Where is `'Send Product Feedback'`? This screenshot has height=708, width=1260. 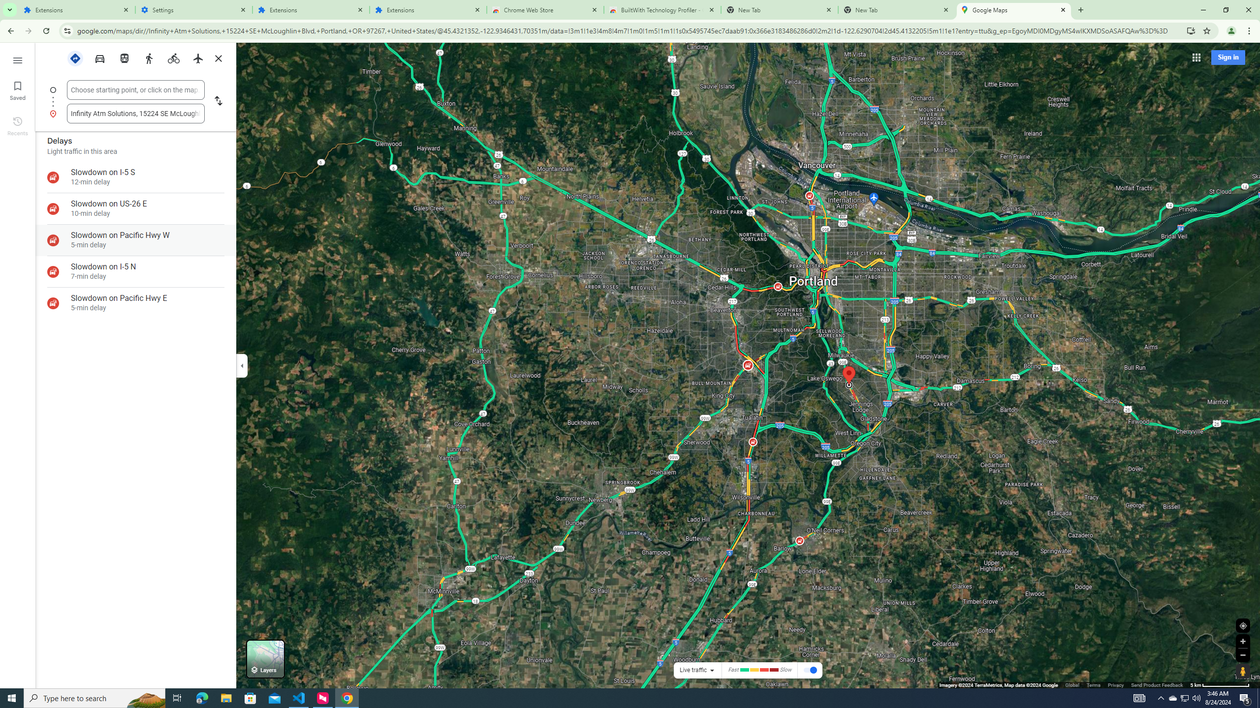 'Send Product Feedback' is located at coordinates (1157, 685).